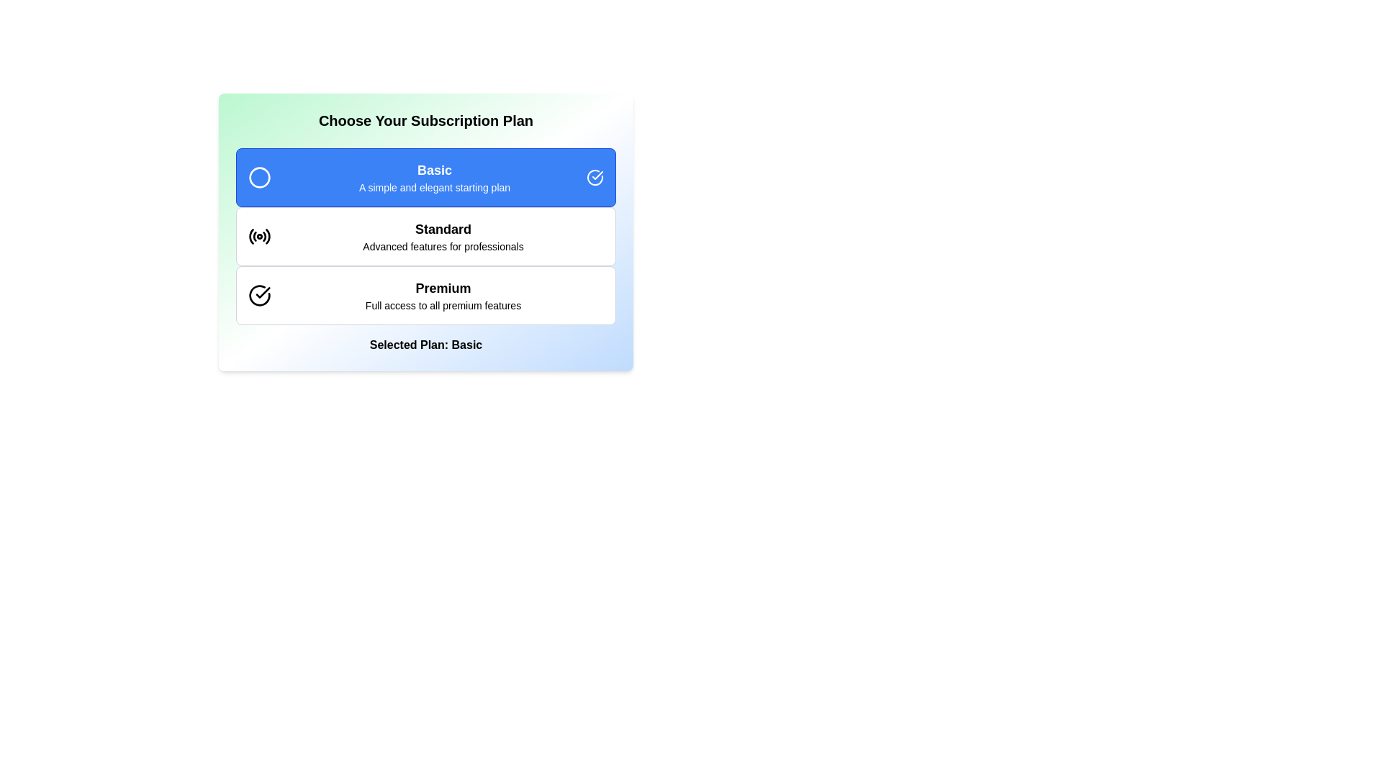 The image size is (1382, 777). What do you see at coordinates (442, 246) in the screenshot?
I see `the descriptive text displaying 'Advanced features for professionals' located beneath the 'Standard' text in the subscription plan options` at bounding box center [442, 246].